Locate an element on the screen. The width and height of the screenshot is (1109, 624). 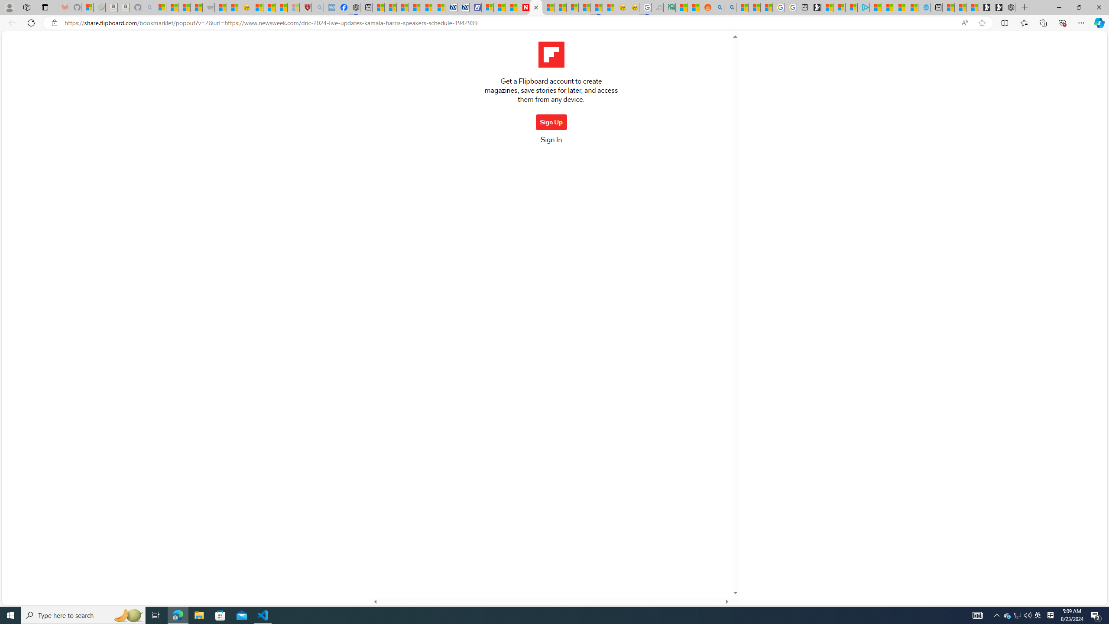
'Cheap Hotels - Save70.com' is located at coordinates (463, 7).